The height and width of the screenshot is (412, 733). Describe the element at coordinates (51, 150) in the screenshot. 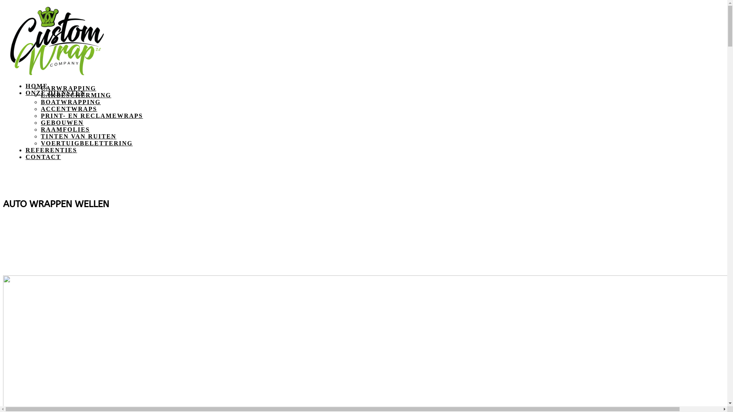

I see `'REFERENTIES'` at that location.